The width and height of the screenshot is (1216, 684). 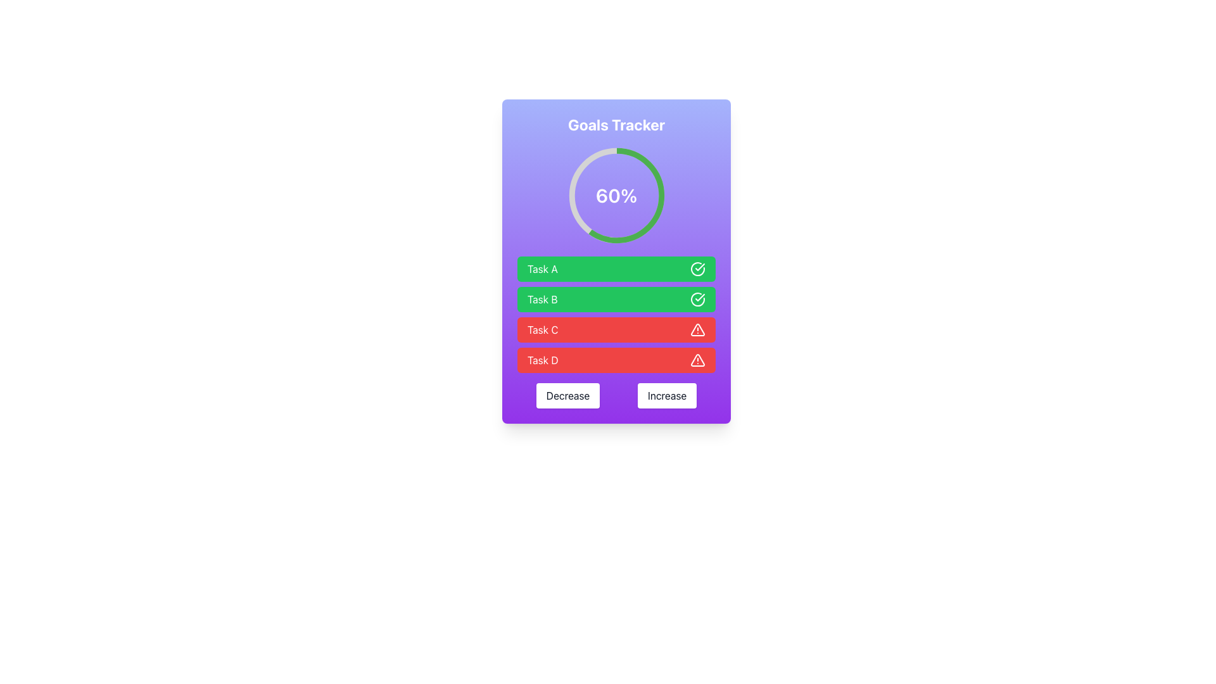 What do you see at coordinates (666, 395) in the screenshot?
I see `the 'Increase' button located at the bottom center of the interface, to the right of the 'Decrease' button` at bounding box center [666, 395].